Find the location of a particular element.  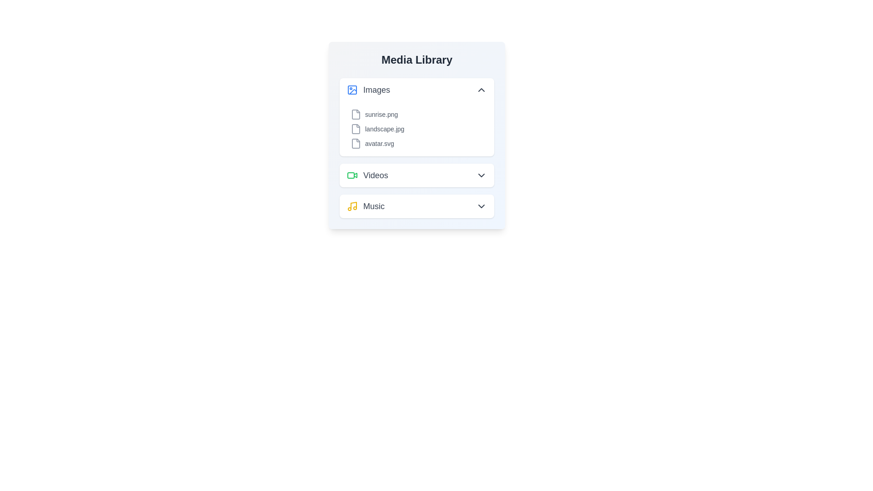

the 'Music' label with a yellow icon in the Media Library is located at coordinates (366, 206).